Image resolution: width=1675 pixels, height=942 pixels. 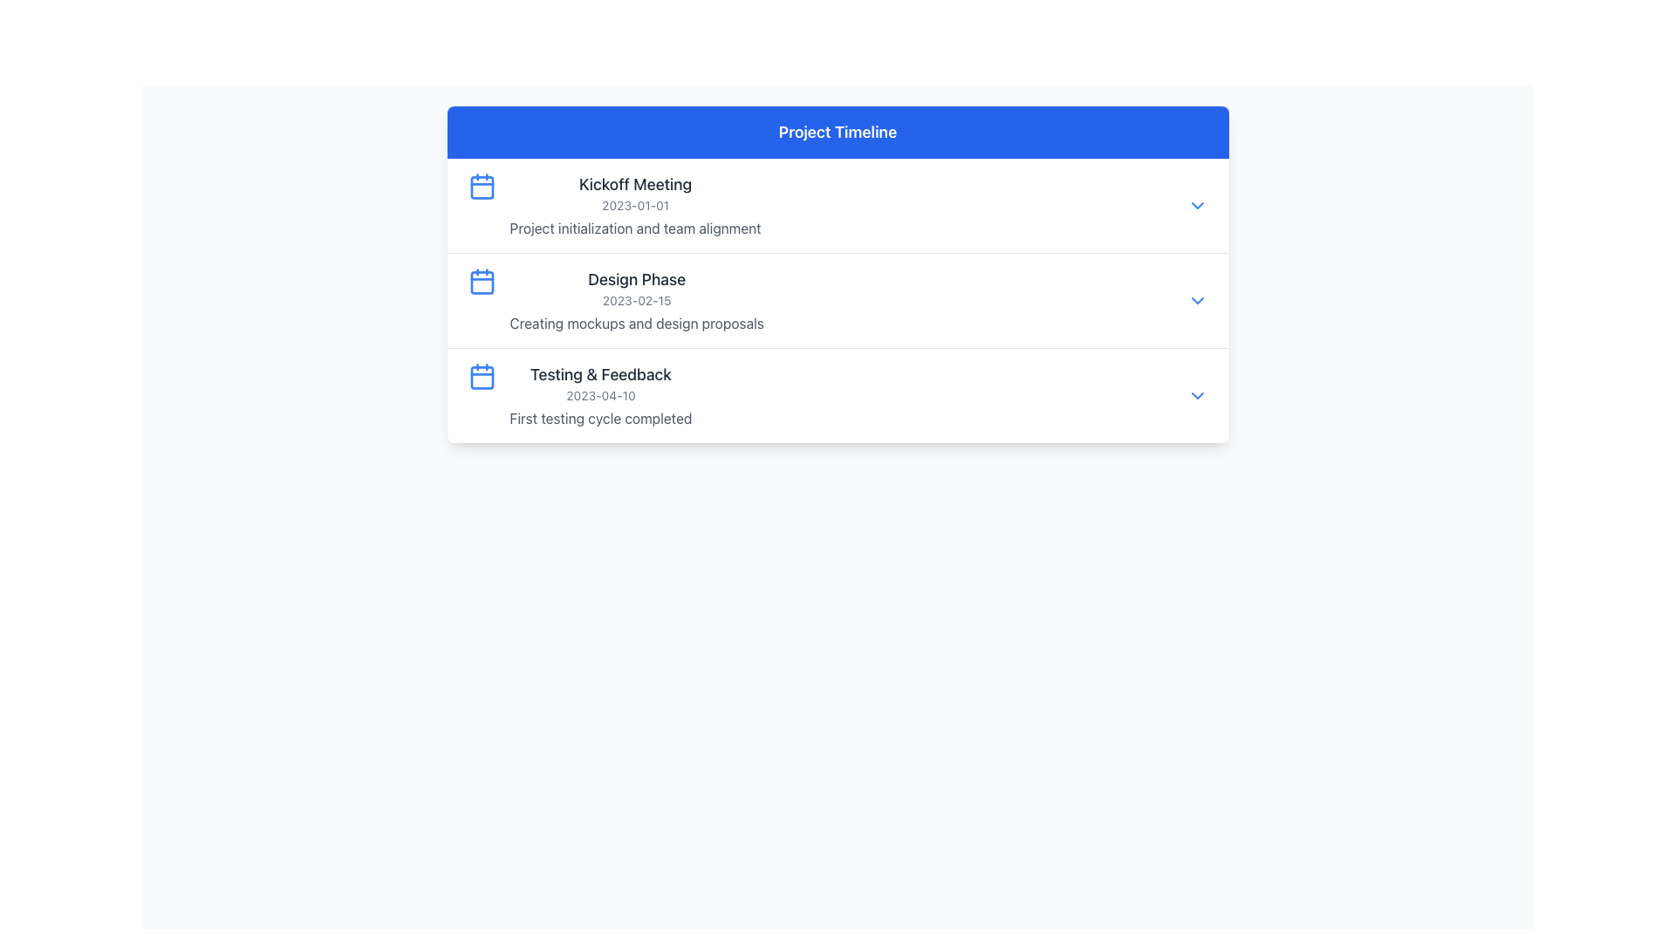 What do you see at coordinates (601, 418) in the screenshot?
I see `the text element that provides additional descriptive information related to the 'Testing & Feedback' section, positioned below the date '2023-04-10'` at bounding box center [601, 418].